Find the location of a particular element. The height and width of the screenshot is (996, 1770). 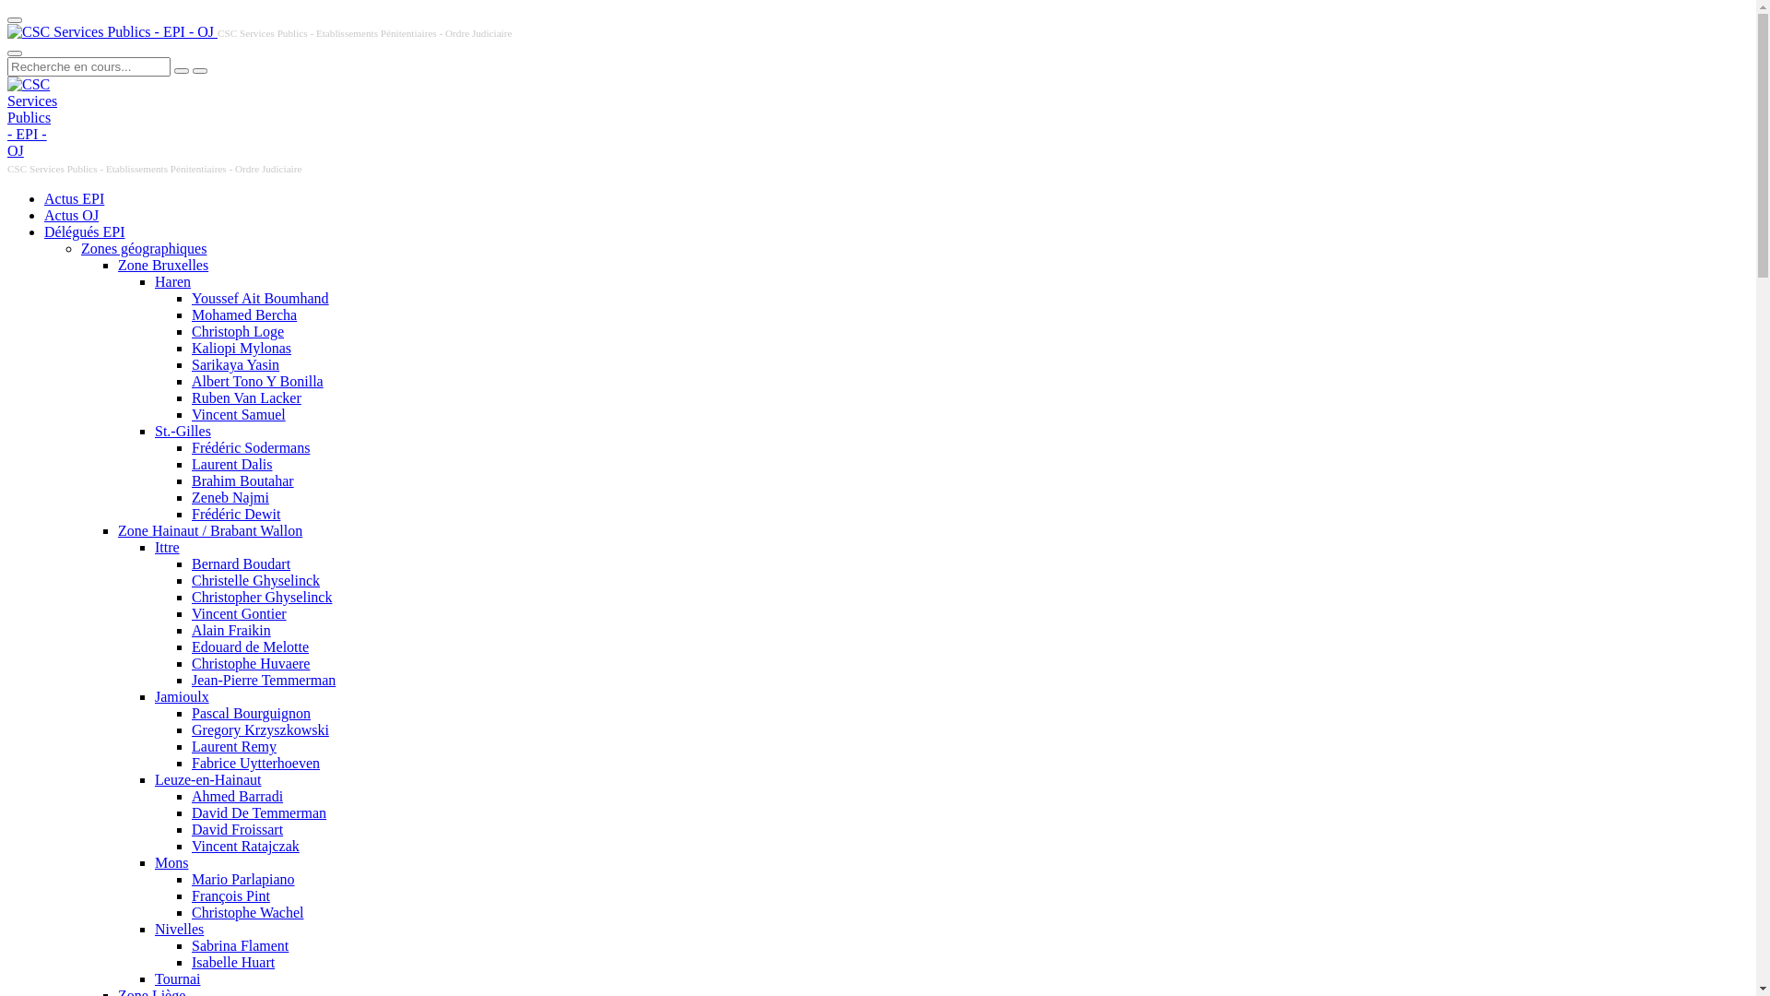

'Kaliopi Mylonas' is located at coordinates (241, 348).